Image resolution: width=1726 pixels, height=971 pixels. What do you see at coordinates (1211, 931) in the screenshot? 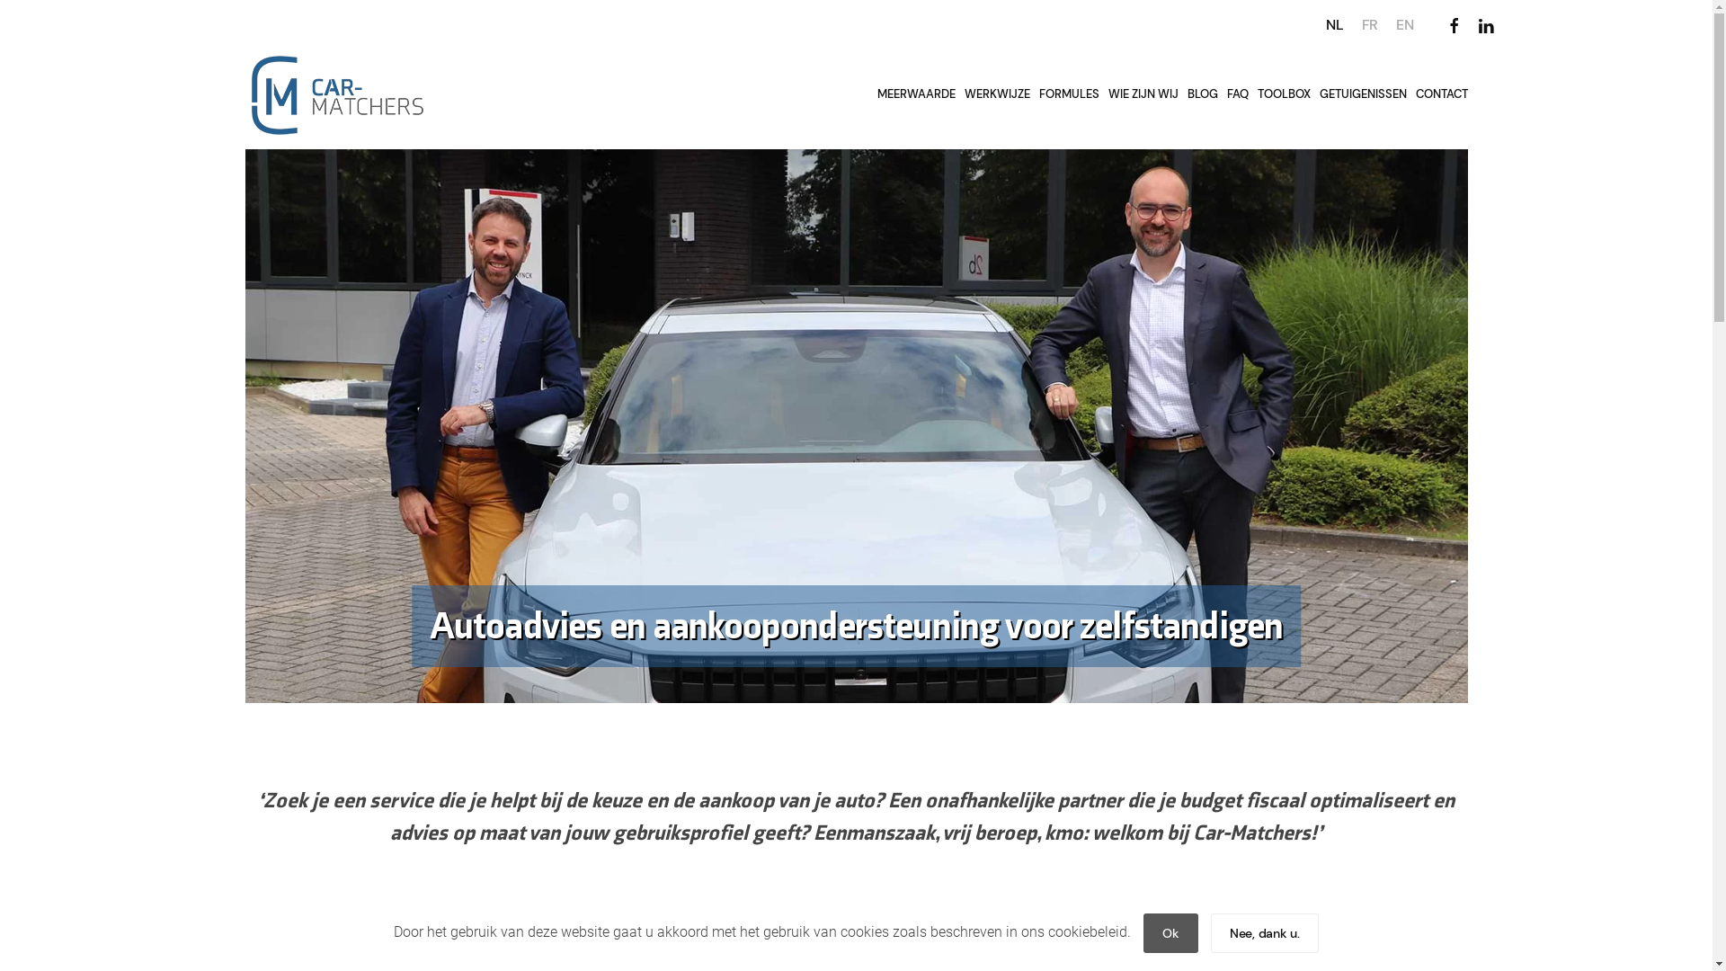
I see `'Nee, dank u.'` at bounding box center [1211, 931].